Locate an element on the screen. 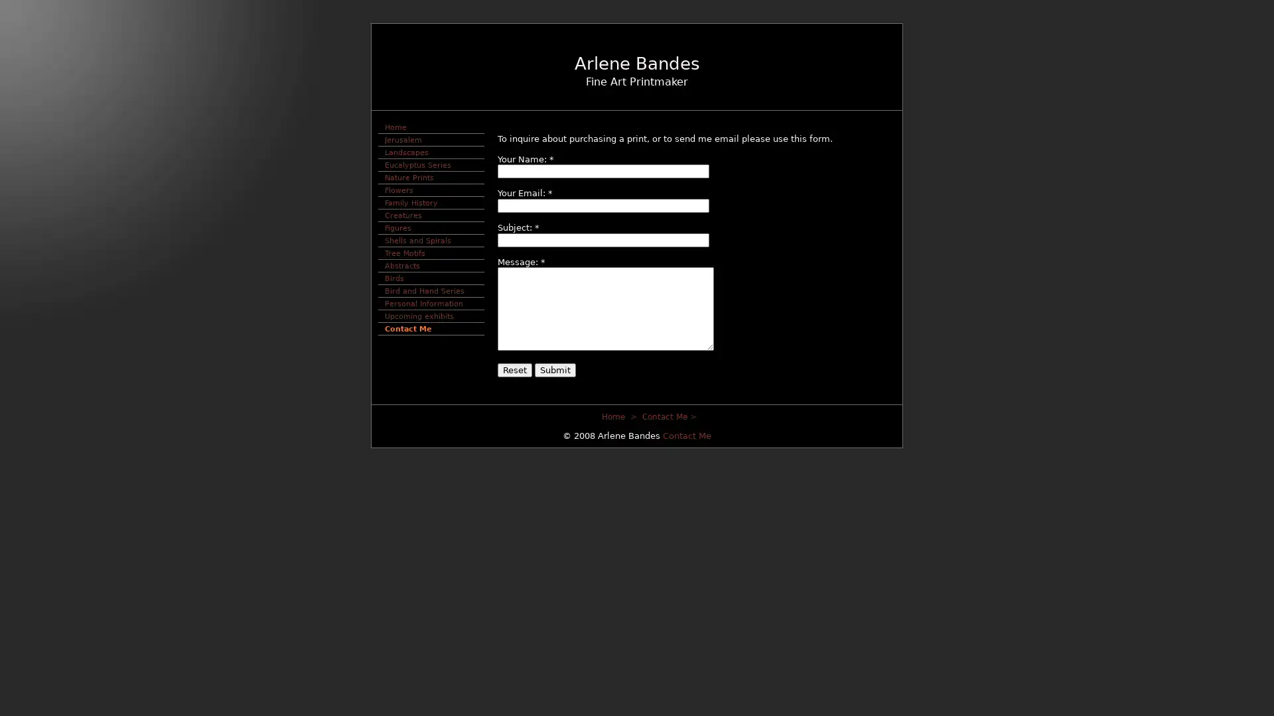 This screenshot has width=1274, height=716. Submit is located at coordinates (555, 369).